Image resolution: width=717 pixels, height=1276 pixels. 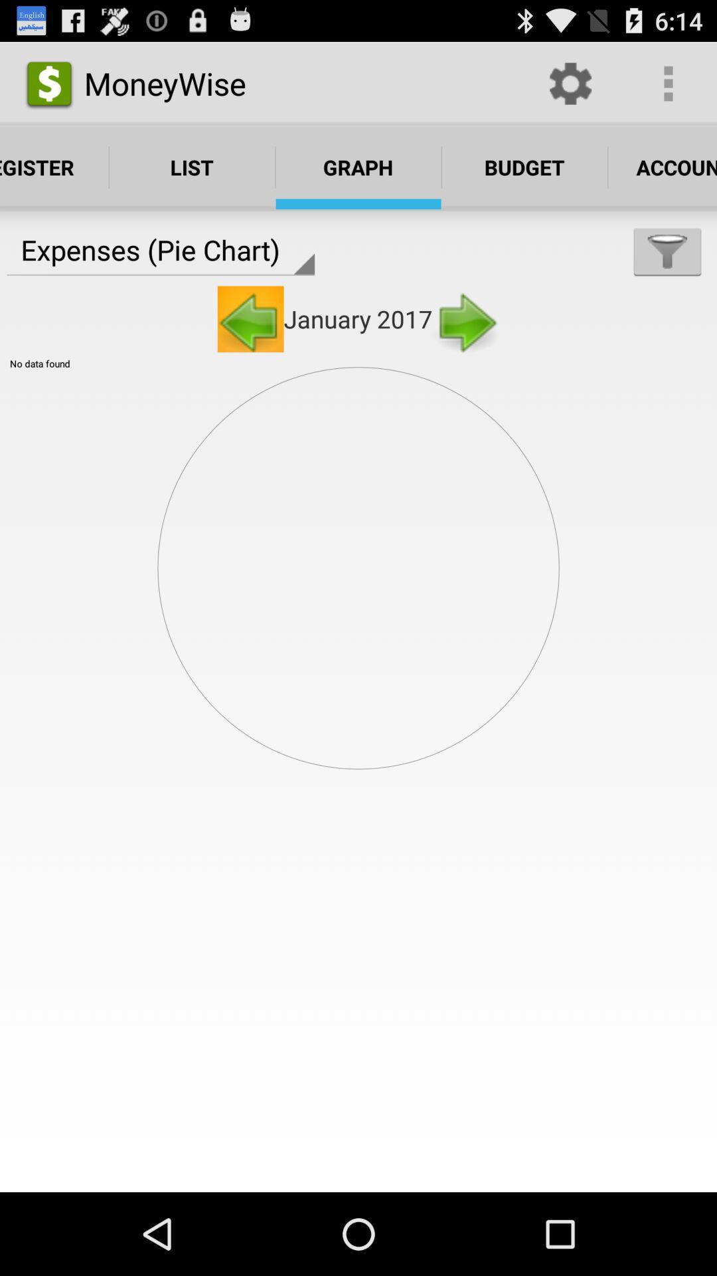 I want to click on the right arrow  next to january 2017, so click(x=465, y=319).